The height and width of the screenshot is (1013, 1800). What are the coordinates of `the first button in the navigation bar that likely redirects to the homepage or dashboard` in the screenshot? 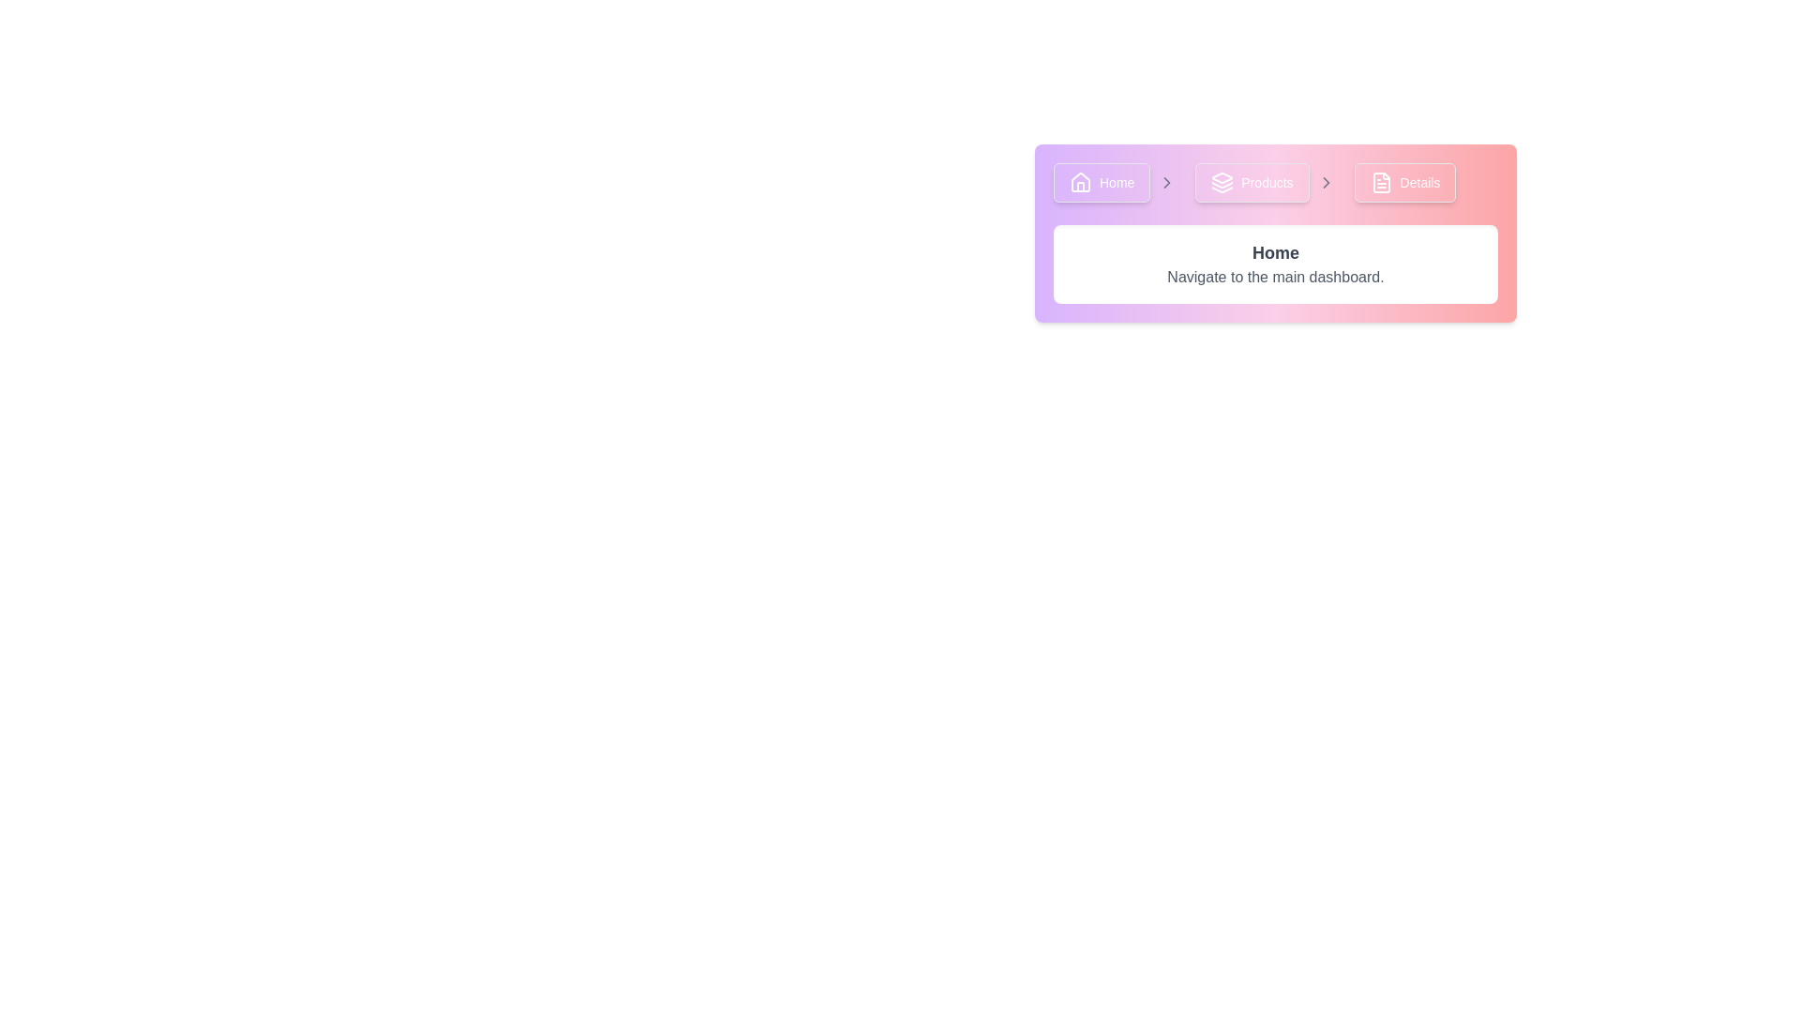 It's located at (1118, 183).